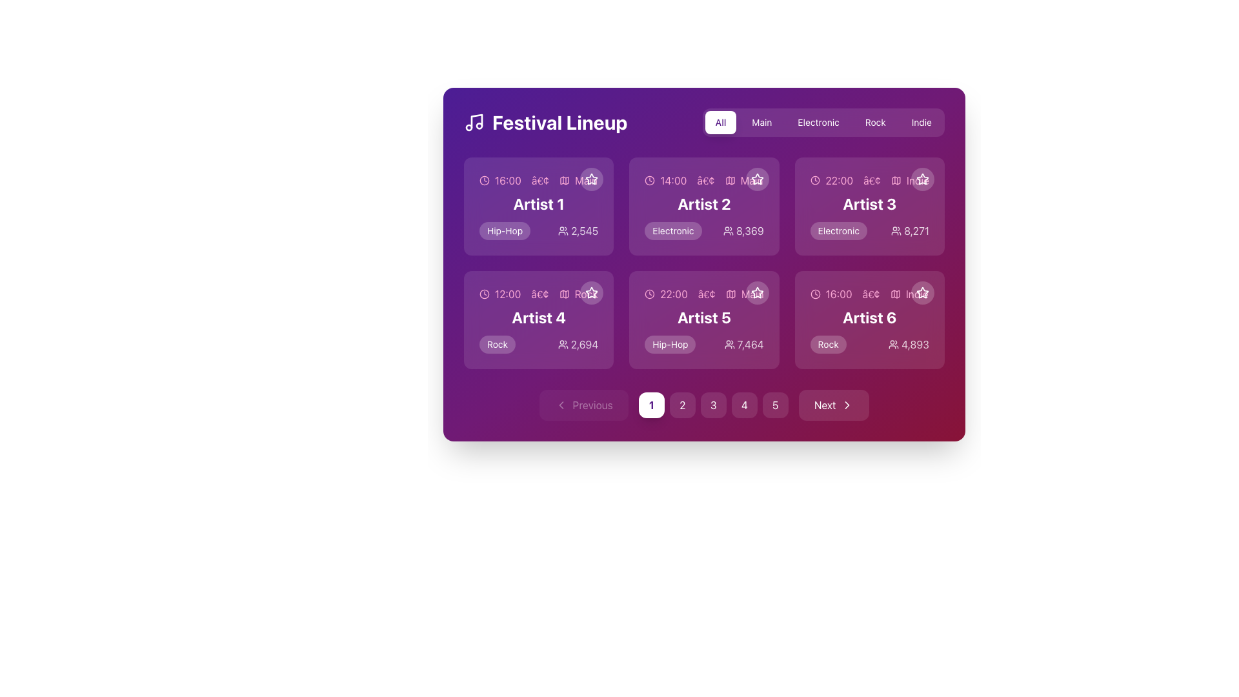 This screenshot has height=697, width=1239. What do you see at coordinates (651, 405) in the screenshot?
I see `the pagination control button located to the right of the 'Previous' button and to the left of the button labeled '2'` at bounding box center [651, 405].